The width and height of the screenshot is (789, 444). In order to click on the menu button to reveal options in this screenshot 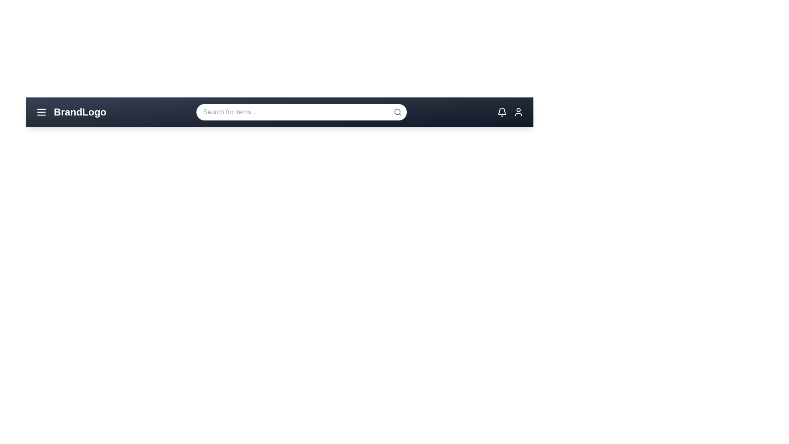, I will do `click(41, 112)`.